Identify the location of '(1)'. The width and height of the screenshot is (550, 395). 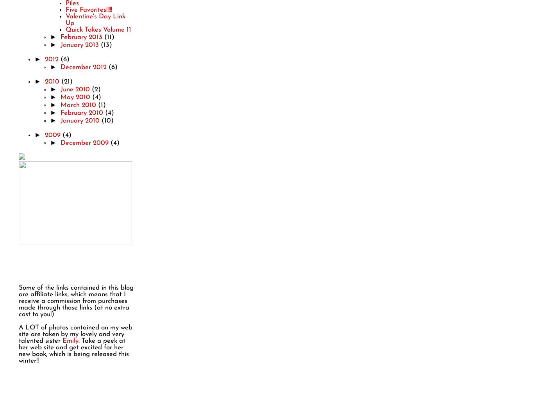
(101, 104).